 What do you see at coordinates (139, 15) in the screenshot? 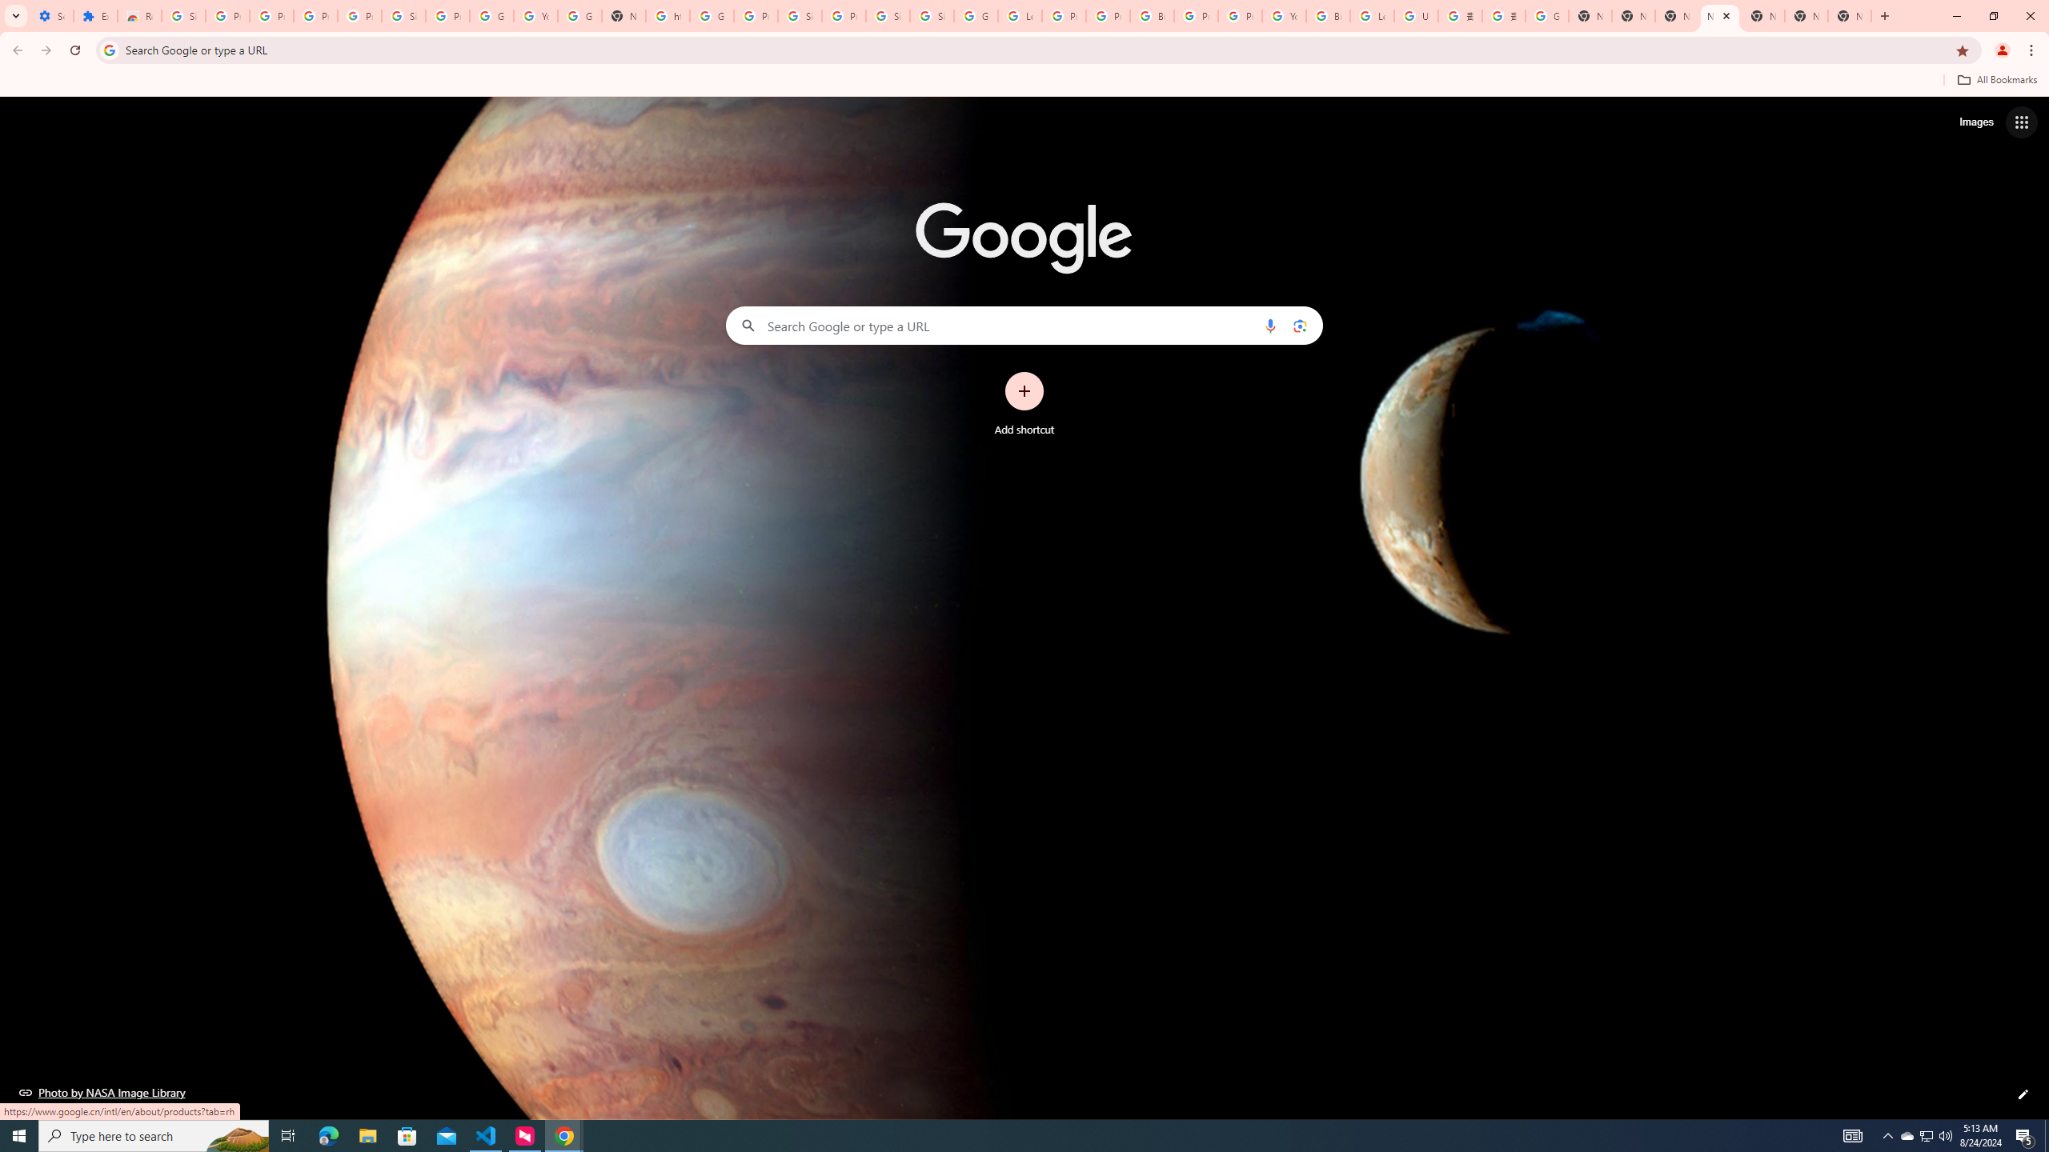
I see `'Reviews: Helix Fruit Jump Arcade Game'` at bounding box center [139, 15].